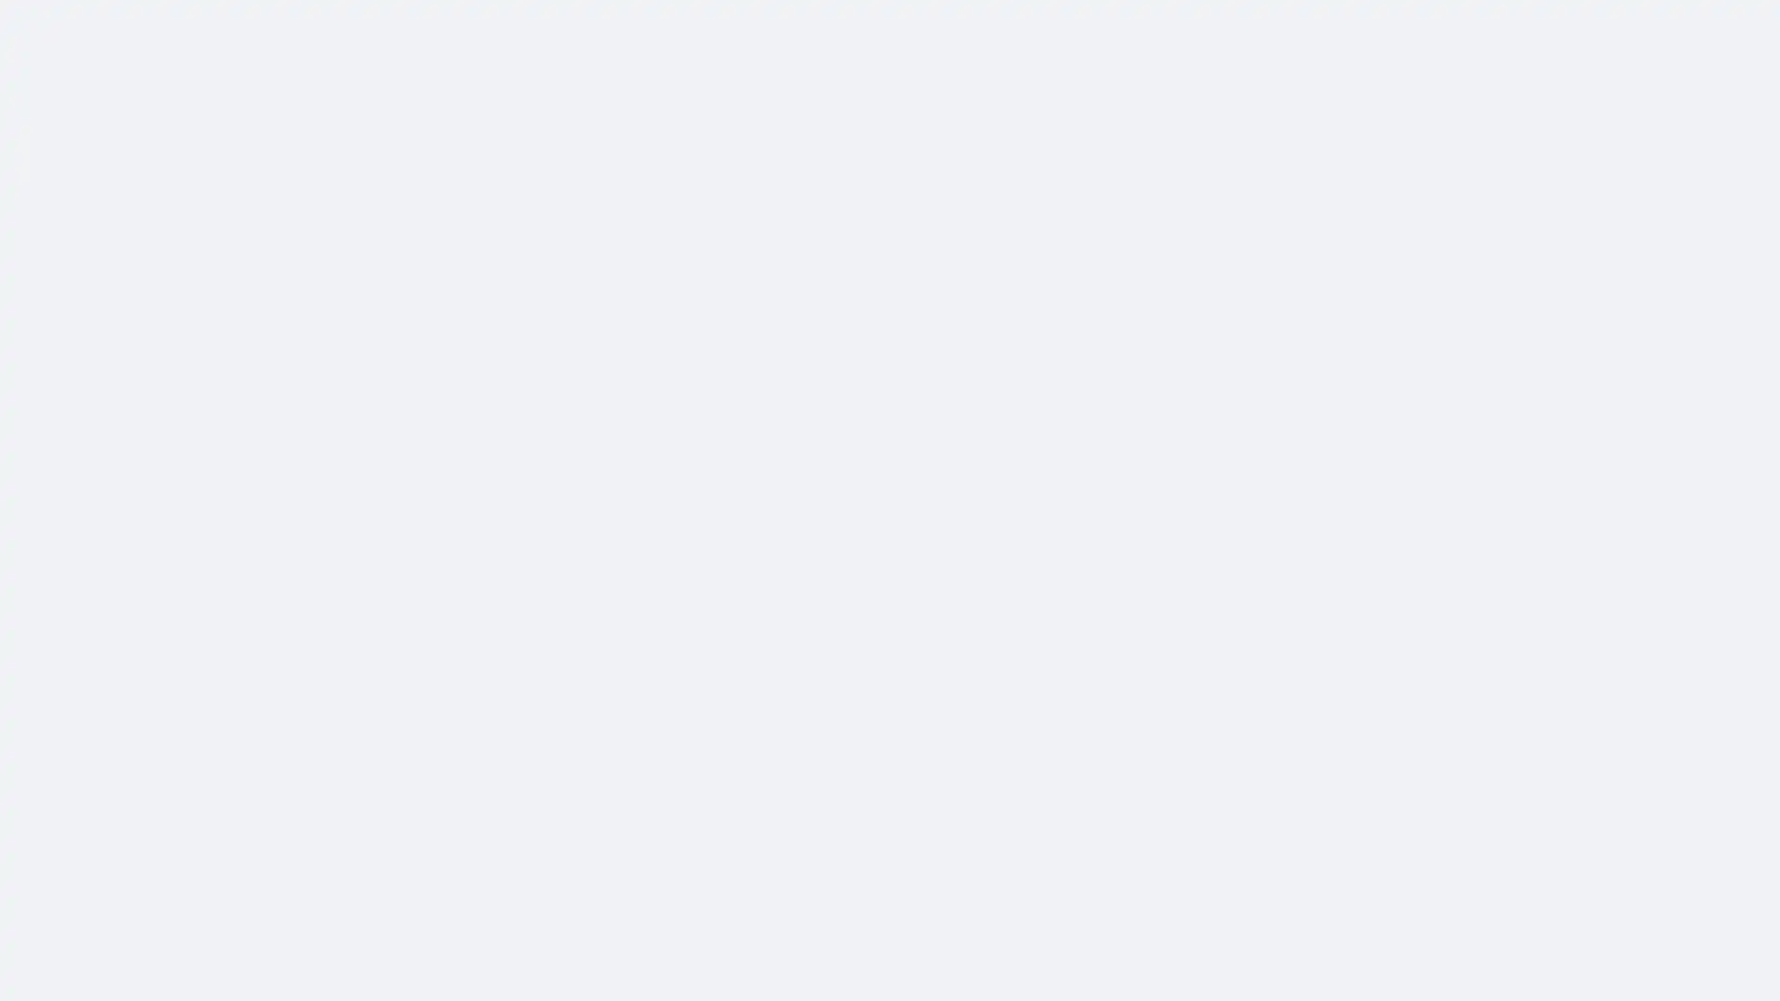 The height and width of the screenshot is (1001, 1780). Describe the element at coordinates (669, 432) in the screenshot. I see `See more` at that location.